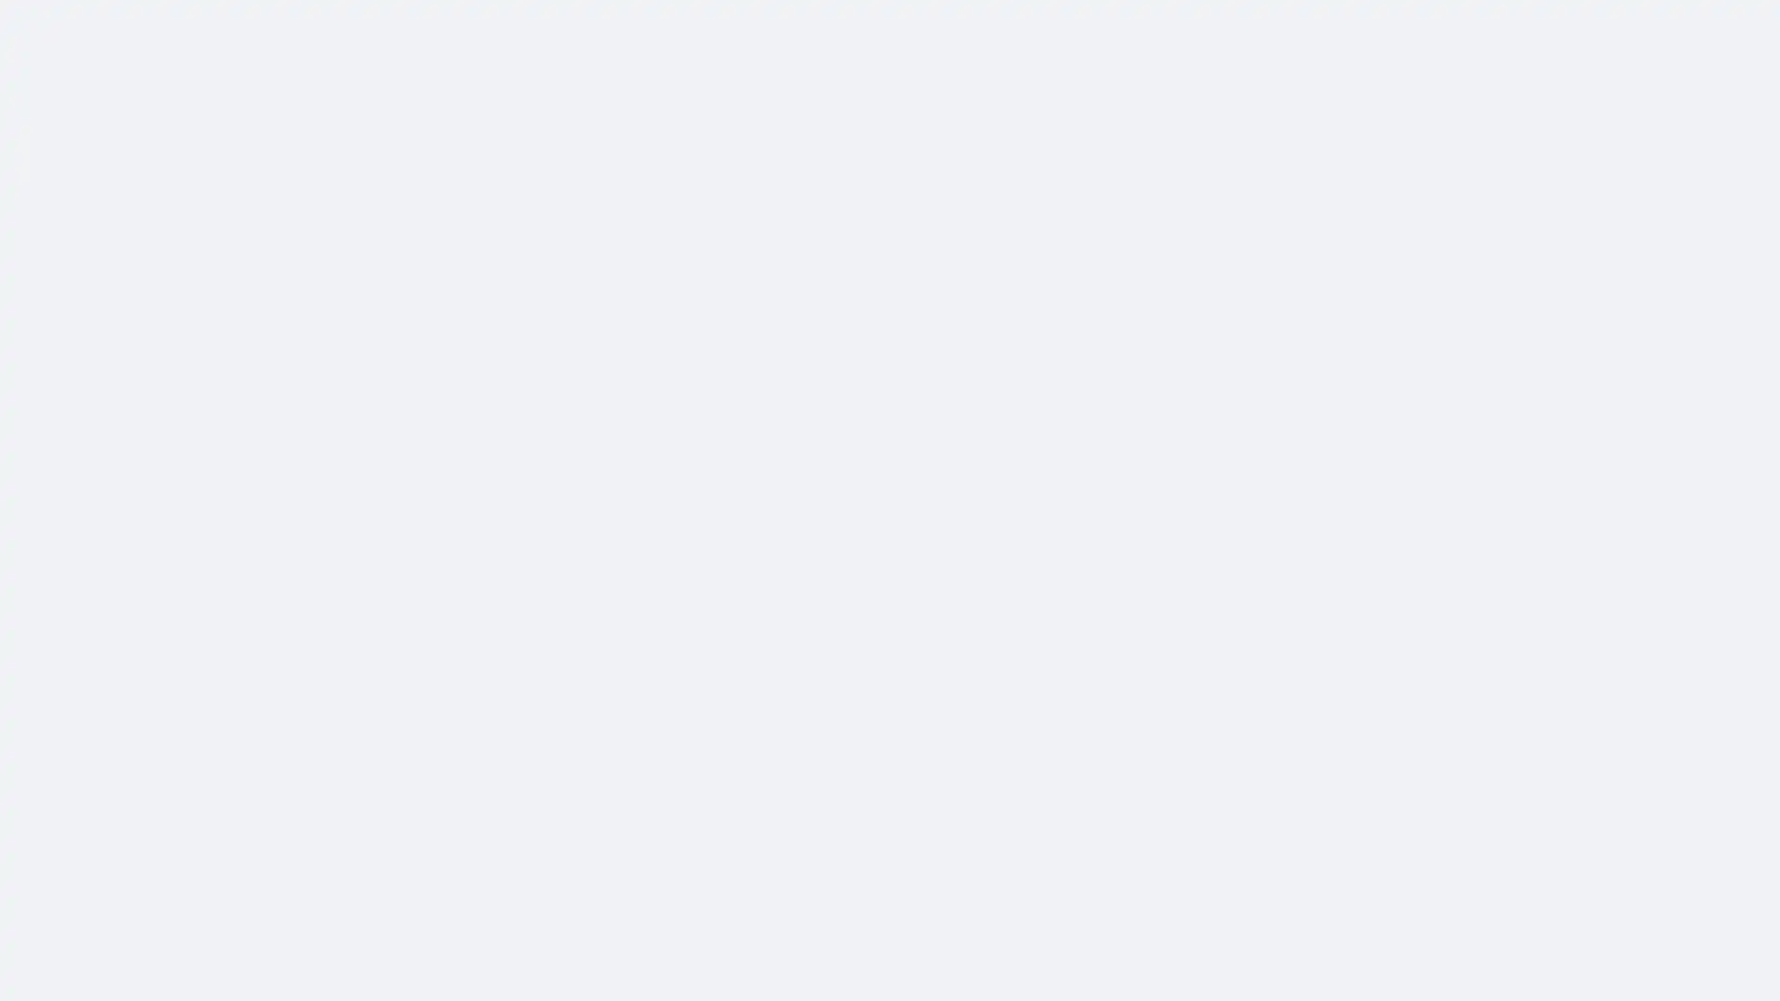 The height and width of the screenshot is (1001, 1780). Describe the element at coordinates (669, 432) in the screenshot. I see `See more` at that location.